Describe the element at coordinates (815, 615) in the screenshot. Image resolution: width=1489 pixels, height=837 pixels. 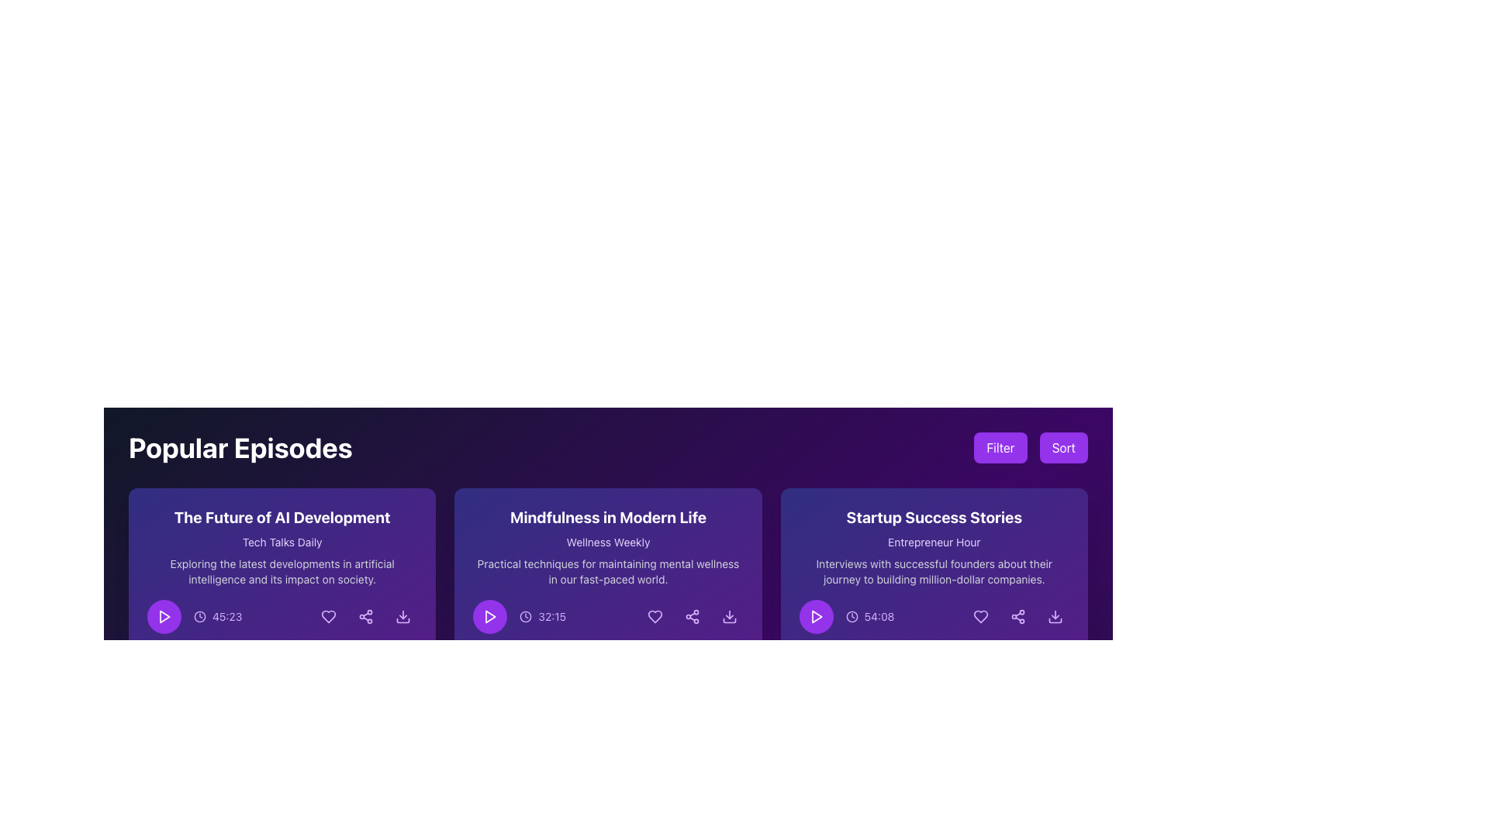
I see `the play button for the 'Startup Success Stories' episode located in the bottom-left corner of the card in the 'Popular Episodes' section` at that location.